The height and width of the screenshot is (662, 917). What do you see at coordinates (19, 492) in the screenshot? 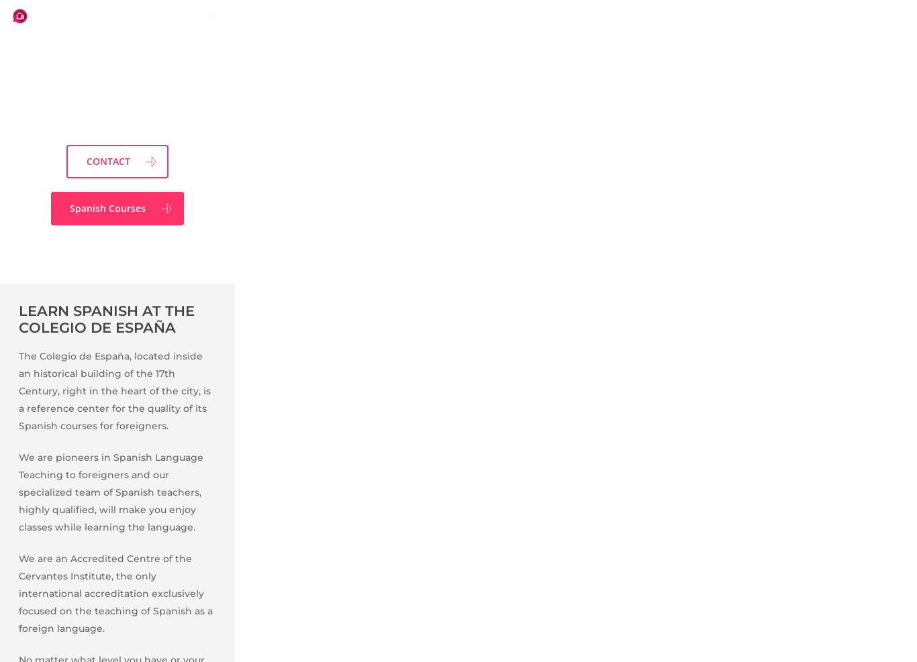
I see `'We are pioneers in Spanish Language Teaching to foreigners and our specialized team of Spanish teachers, highly qualified, will make you enjoy classes while learning the language.'` at bounding box center [19, 492].